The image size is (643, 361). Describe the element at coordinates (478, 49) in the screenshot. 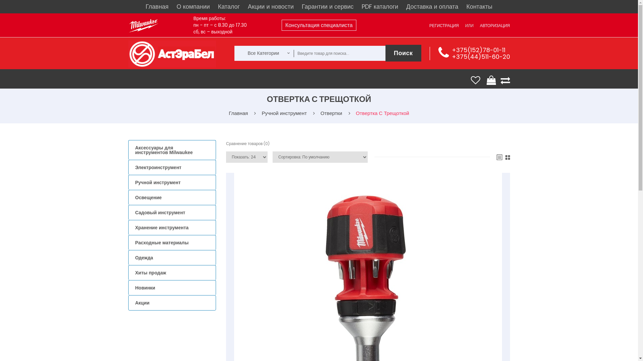

I see `'+375(152)78-01-11'` at that location.